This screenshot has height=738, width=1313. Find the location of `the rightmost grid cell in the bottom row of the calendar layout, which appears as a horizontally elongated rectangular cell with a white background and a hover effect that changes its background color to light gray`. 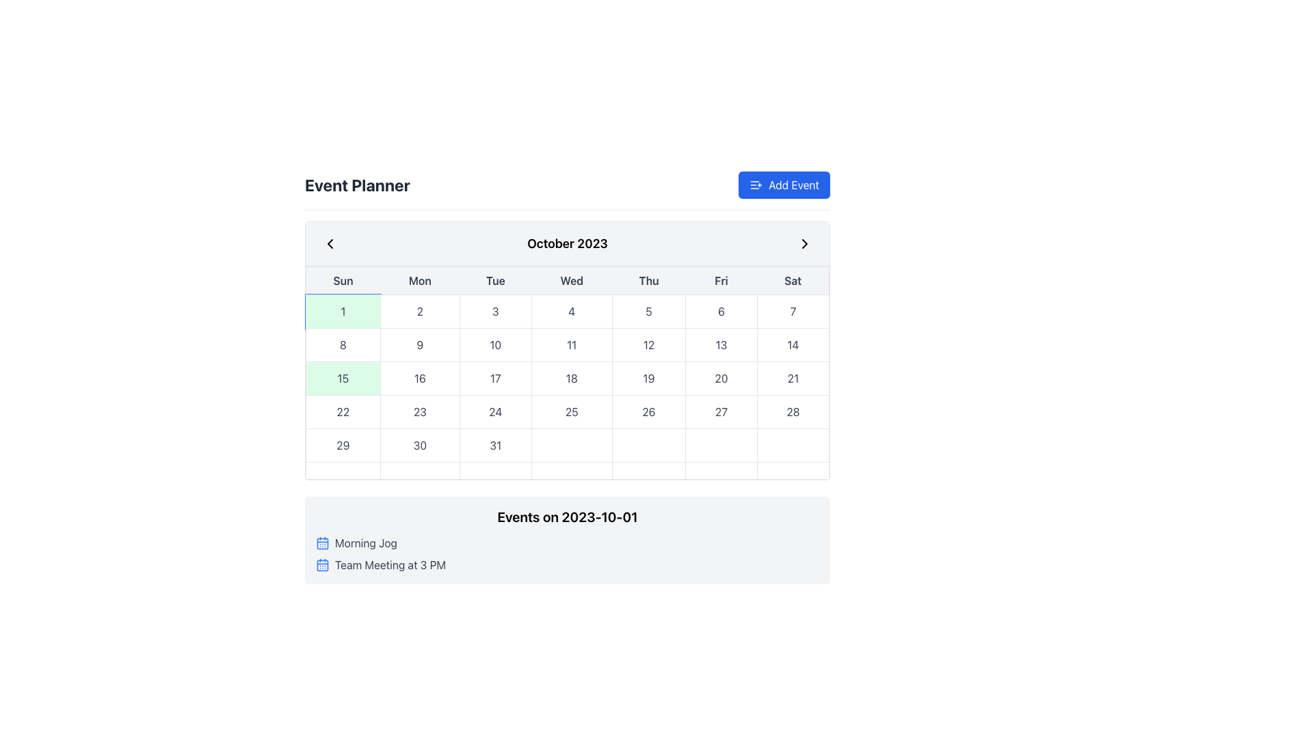

the rightmost grid cell in the bottom row of the calendar layout, which appears as a horizontally elongated rectangular cell with a white background and a hover effect that changes its background color to light gray is located at coordinates (793, 470).